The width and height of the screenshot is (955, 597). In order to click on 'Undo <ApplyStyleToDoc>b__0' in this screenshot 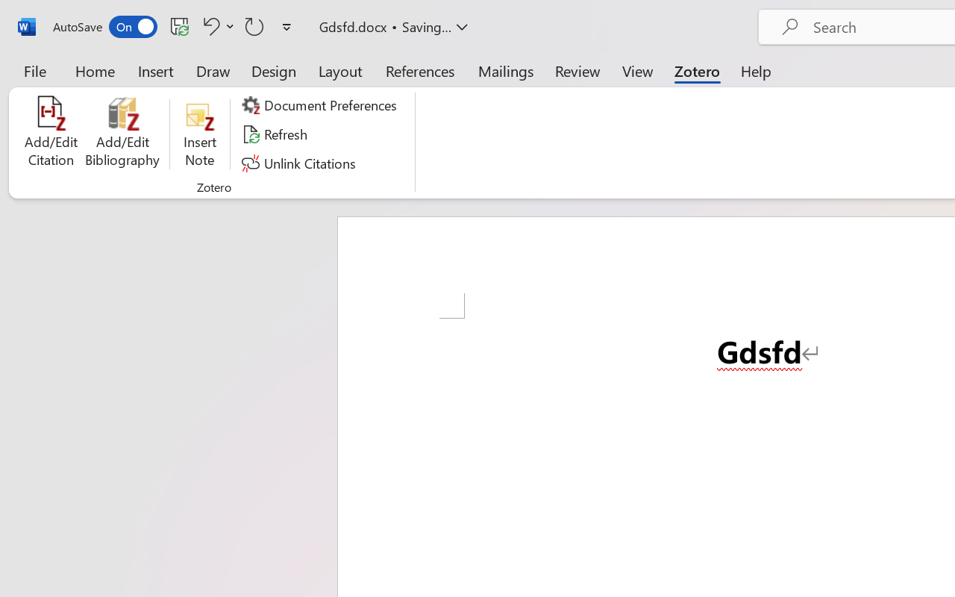, I will do `click(216, 25)`.